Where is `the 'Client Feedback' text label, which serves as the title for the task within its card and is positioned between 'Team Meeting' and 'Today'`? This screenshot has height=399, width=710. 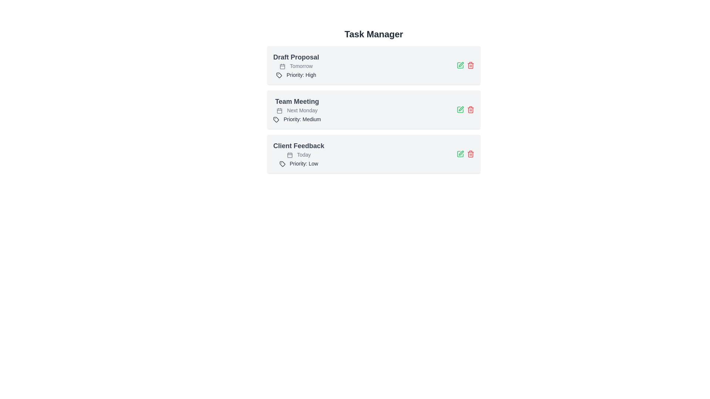
the 'Client Feedback' text label, which serves as the title for the task within its card and is positioned between 'Team Meeting' and 'Today' is located at coordinates (298, 146).